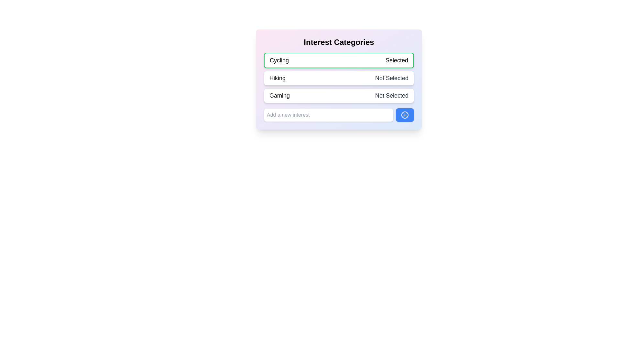 The height and width of the screenshot is (349, 621). Describe the element at coordinates (405, 114) in the screenshot. I see `the add button to trigger the addition of a new interest` at that location.